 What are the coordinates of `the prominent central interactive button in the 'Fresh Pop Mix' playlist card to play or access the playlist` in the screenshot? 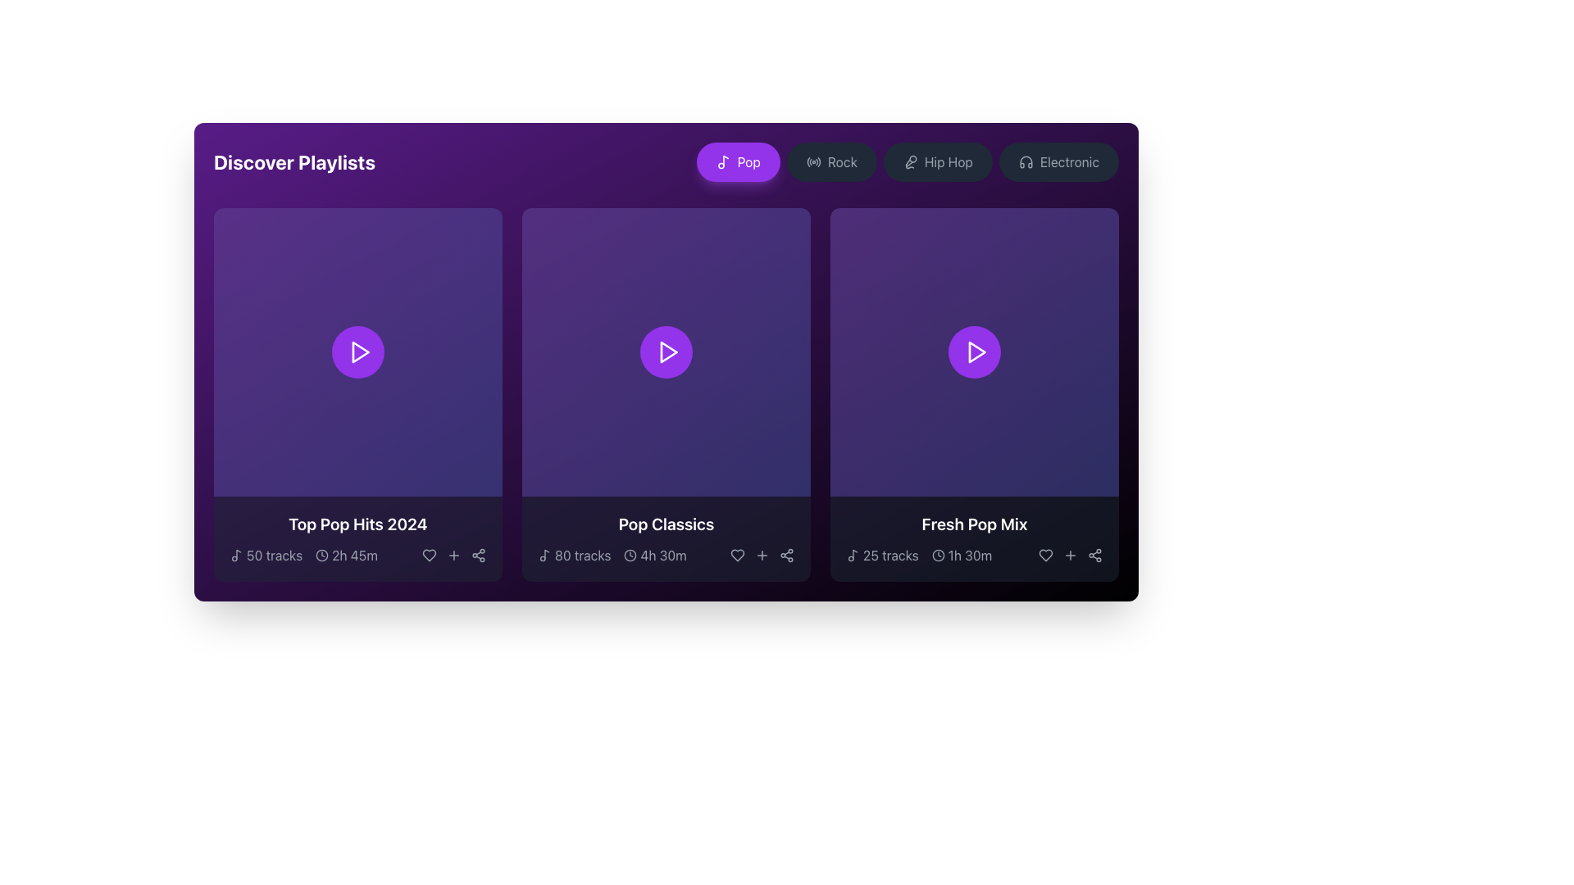 It's located at (975, 351).